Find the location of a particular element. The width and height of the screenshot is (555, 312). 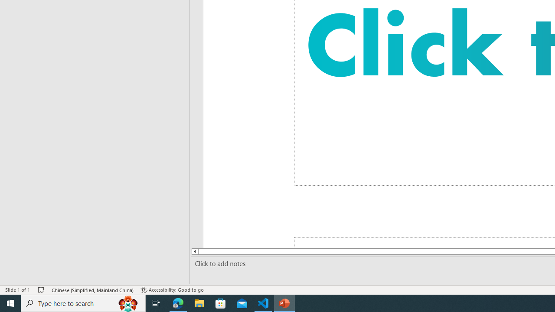

'Spell Check No Errors' is located at coordinates (41, 290).